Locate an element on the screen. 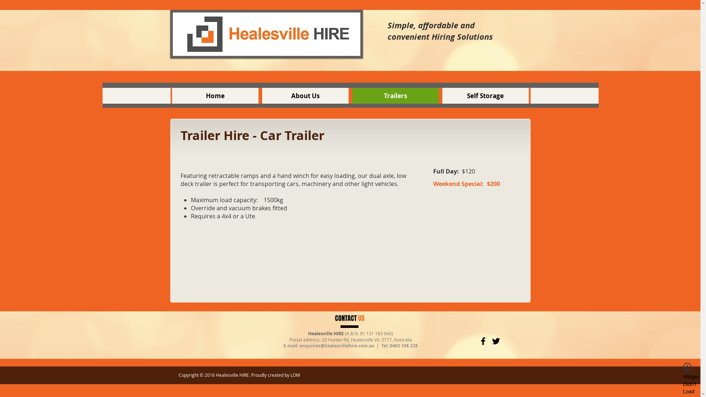 Image resolution: width=706 pixels, height=397 pixels. 'Trailers' is located at coordinates (395, 95).